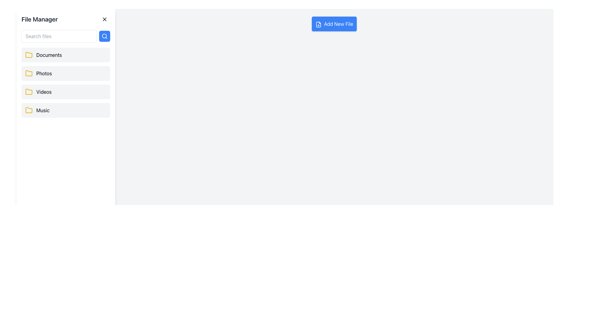 This screenshot has width=591, height=332. I want to click on the folder icon representing the 'Videos' category, so click(29, 92).